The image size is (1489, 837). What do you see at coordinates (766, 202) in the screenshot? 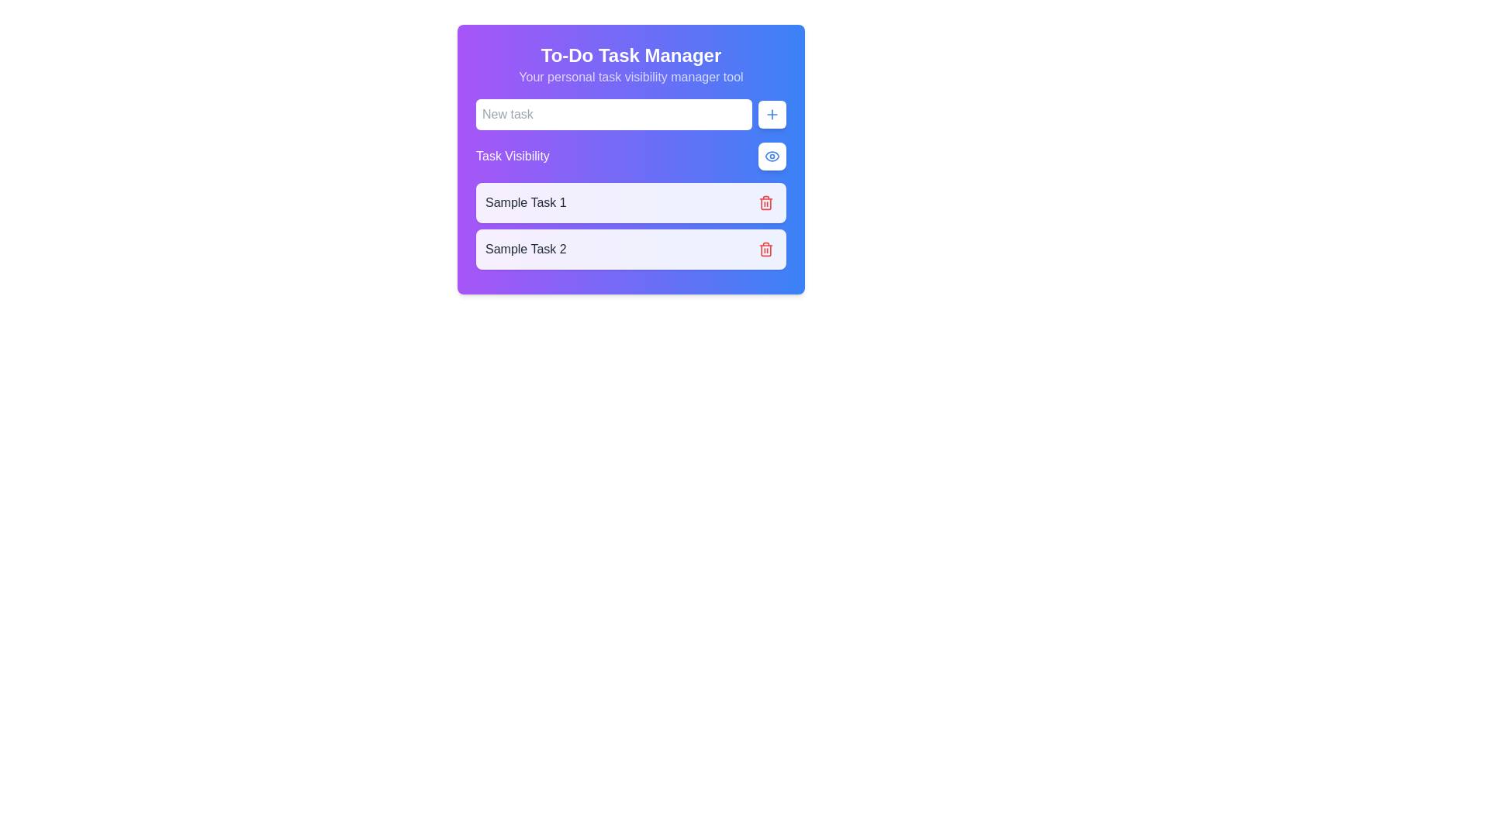
I see `the delete button, styled as a garbage bin, located at the rightmost side of 'Sample Task 2'` at bounding box center [766, 202].